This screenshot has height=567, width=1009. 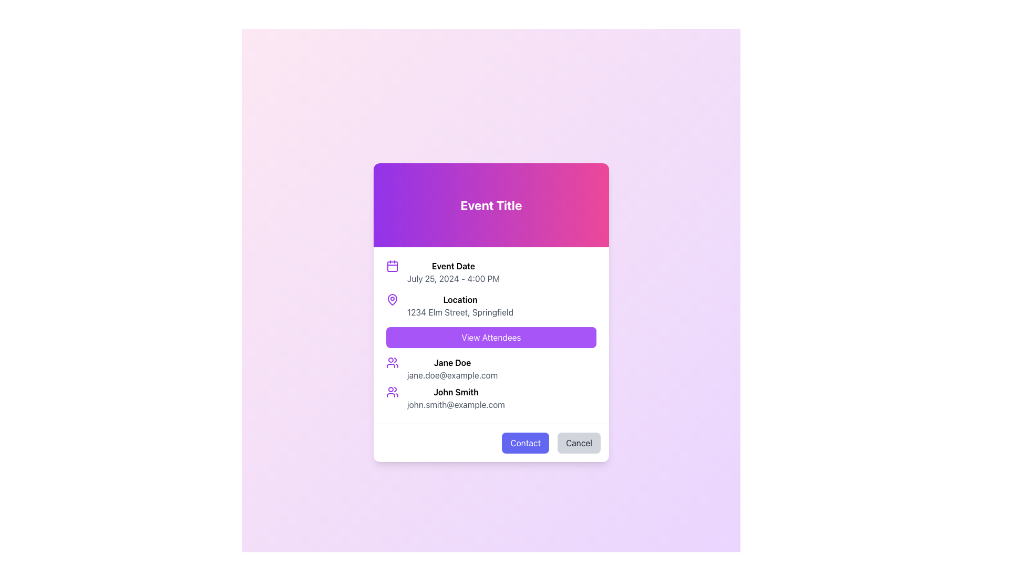 I want to click on the static text displaying the email address 'jane.doe@example.com', which is styled in gray and located below the name 'Jane Doe' in the dialog box, so click(x=452, y=374).